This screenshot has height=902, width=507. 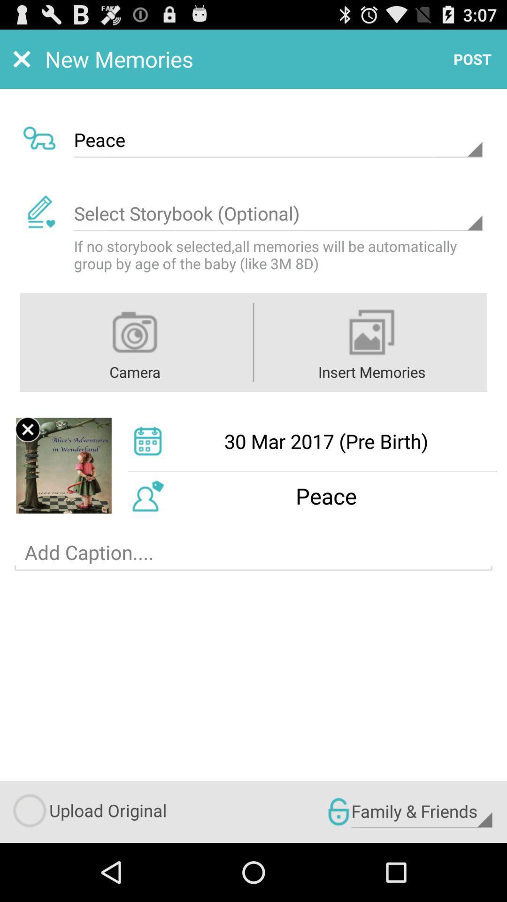 I want to click on a caption, so click(x=253, y=552).